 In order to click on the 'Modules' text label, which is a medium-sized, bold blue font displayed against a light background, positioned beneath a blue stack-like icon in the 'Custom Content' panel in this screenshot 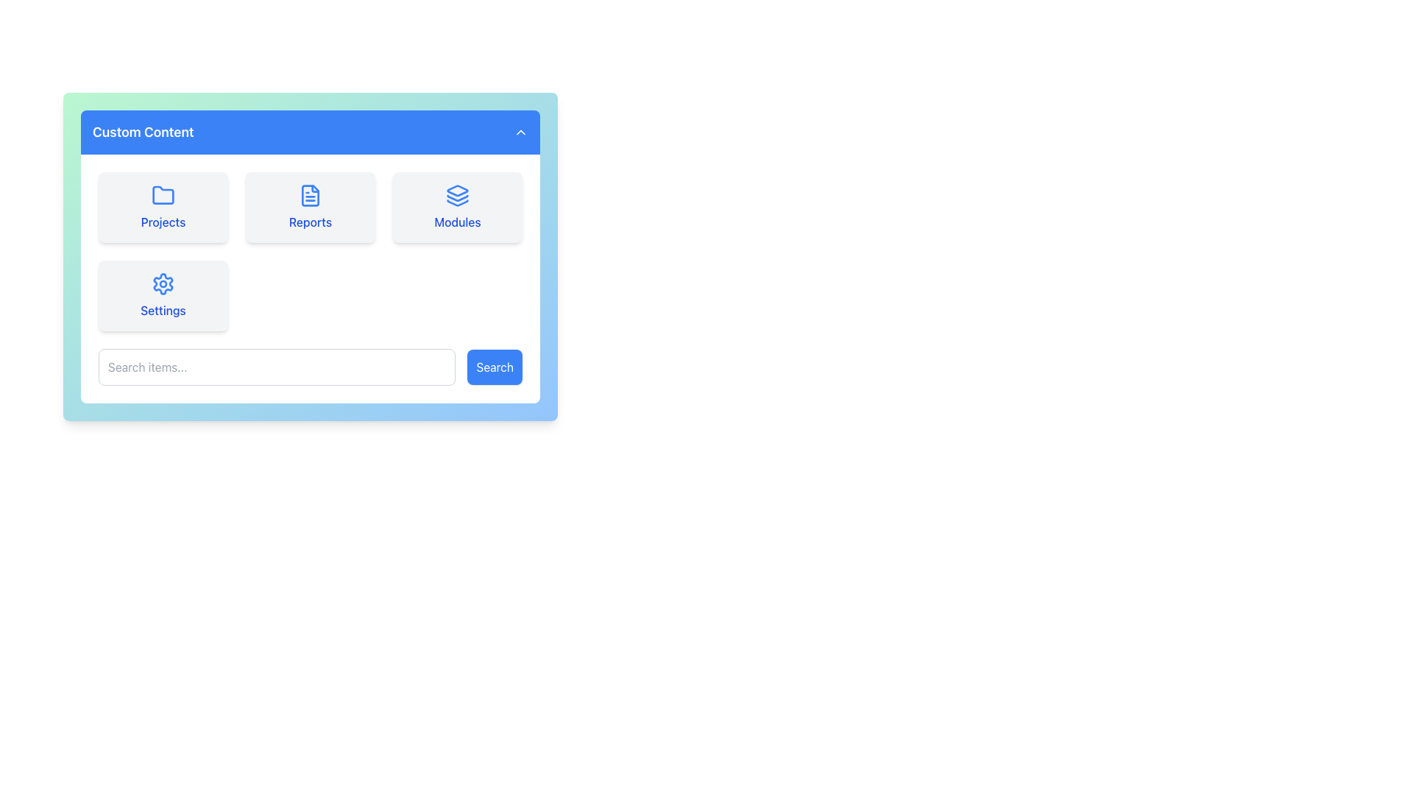, I will do `click(457, 222)`.